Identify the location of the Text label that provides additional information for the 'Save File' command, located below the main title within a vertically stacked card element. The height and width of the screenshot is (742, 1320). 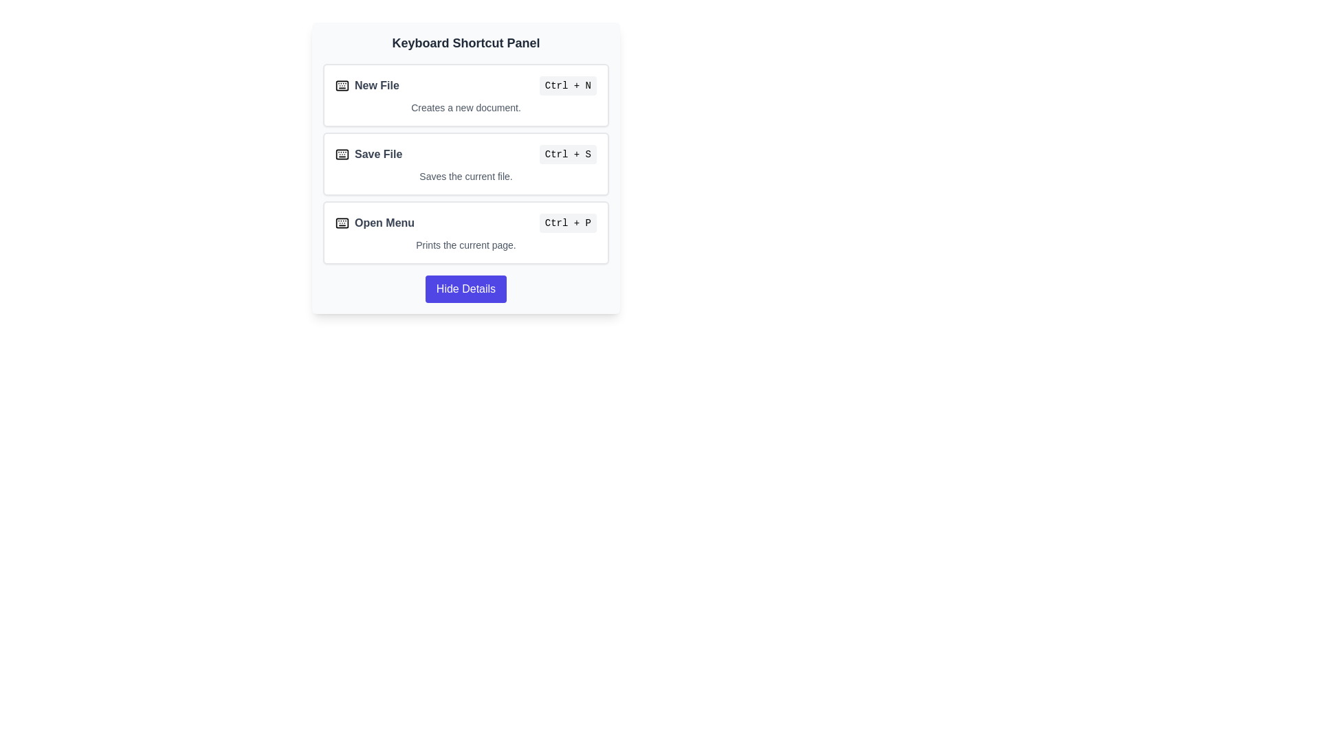
(465, 176).